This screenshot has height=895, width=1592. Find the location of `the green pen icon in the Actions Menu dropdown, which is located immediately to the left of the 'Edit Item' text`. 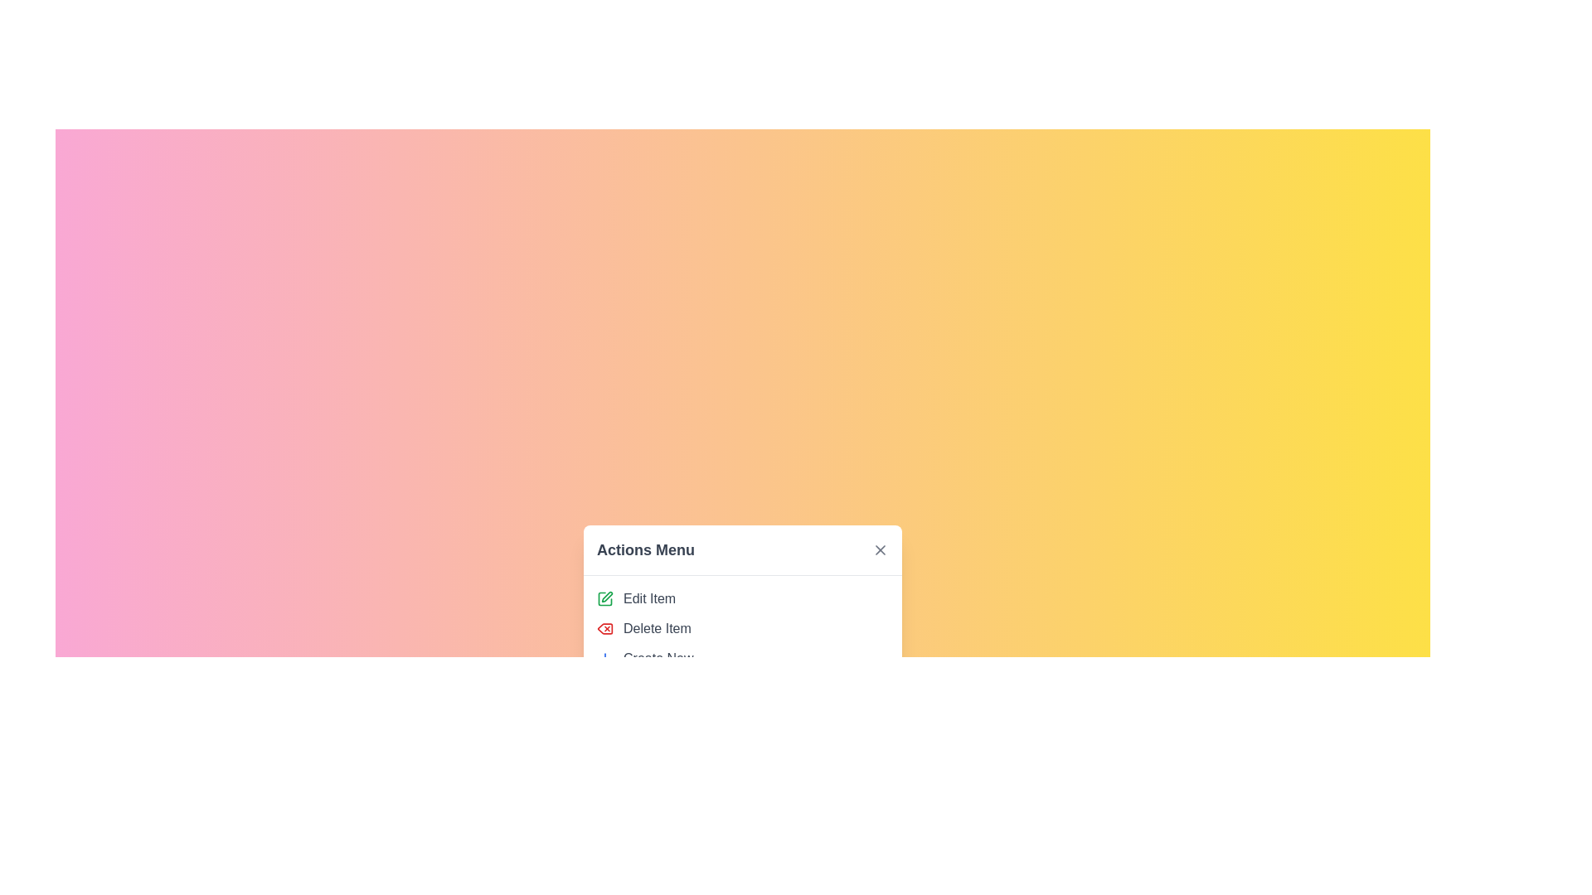

the green pen icon in the Actions Menu dropdown, which is located immediately to the left of the 'Edit Item' text is located at coordinates (604, 598).